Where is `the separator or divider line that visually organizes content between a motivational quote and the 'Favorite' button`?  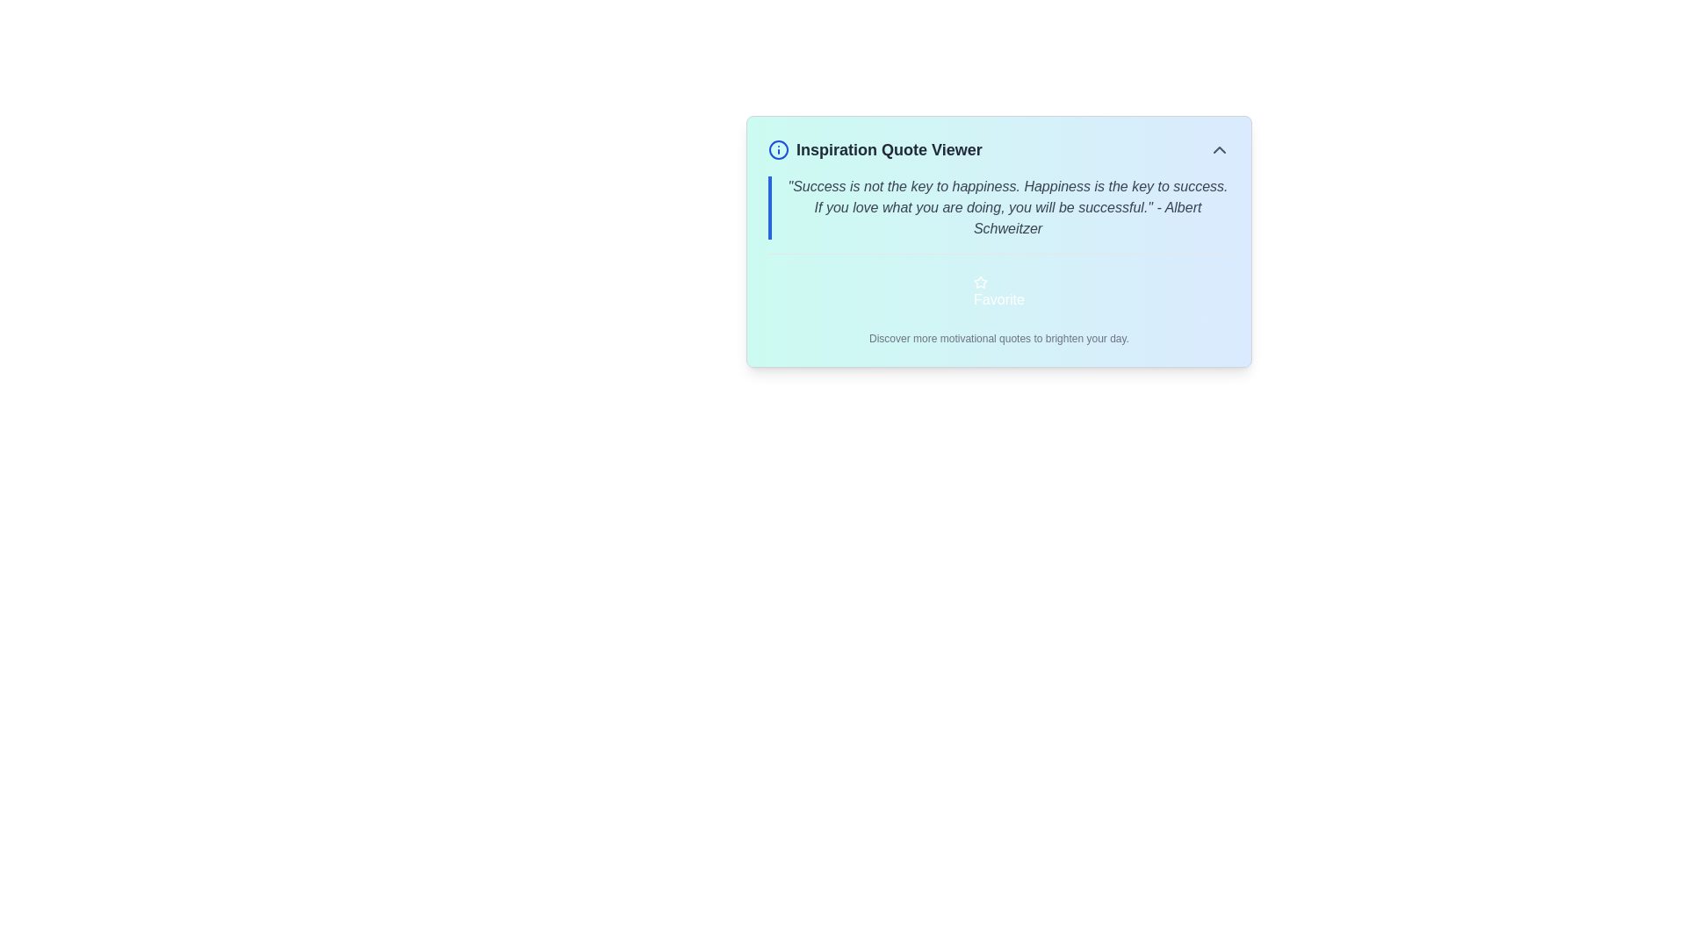 the separator or divider line that visually organizes content between a motivational quote and the 'Favorite' button is located at coordinates (998, 254).